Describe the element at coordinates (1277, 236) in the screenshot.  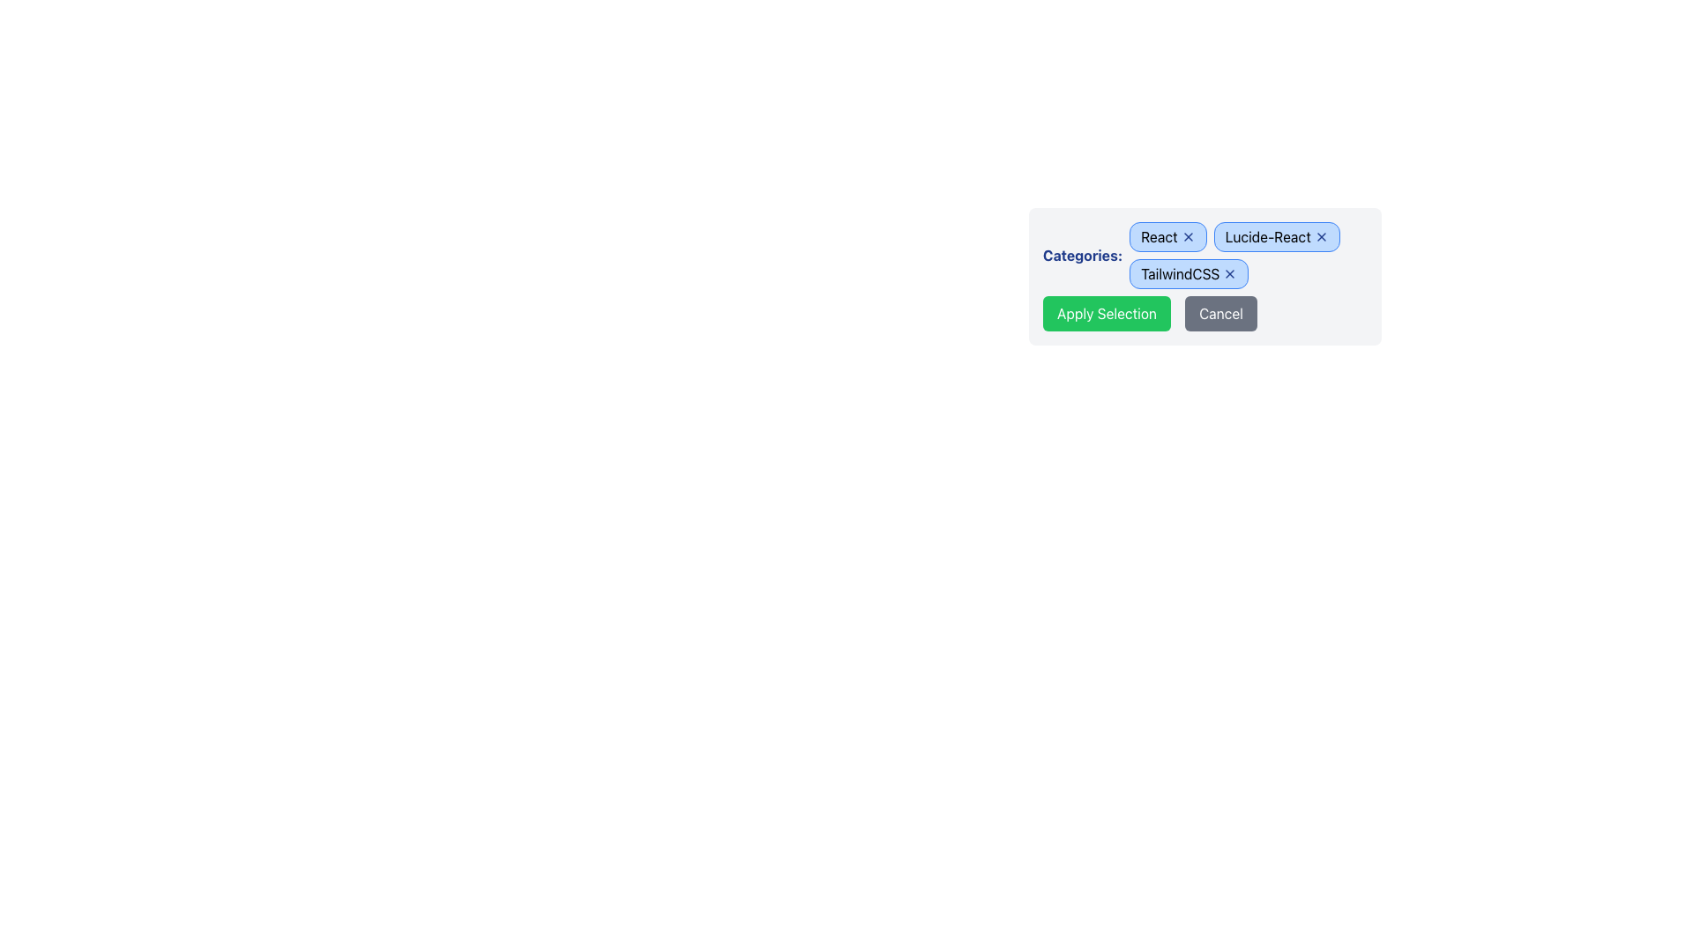
I see `the text of the category tag located to the right of the 'React' tag` at that location.